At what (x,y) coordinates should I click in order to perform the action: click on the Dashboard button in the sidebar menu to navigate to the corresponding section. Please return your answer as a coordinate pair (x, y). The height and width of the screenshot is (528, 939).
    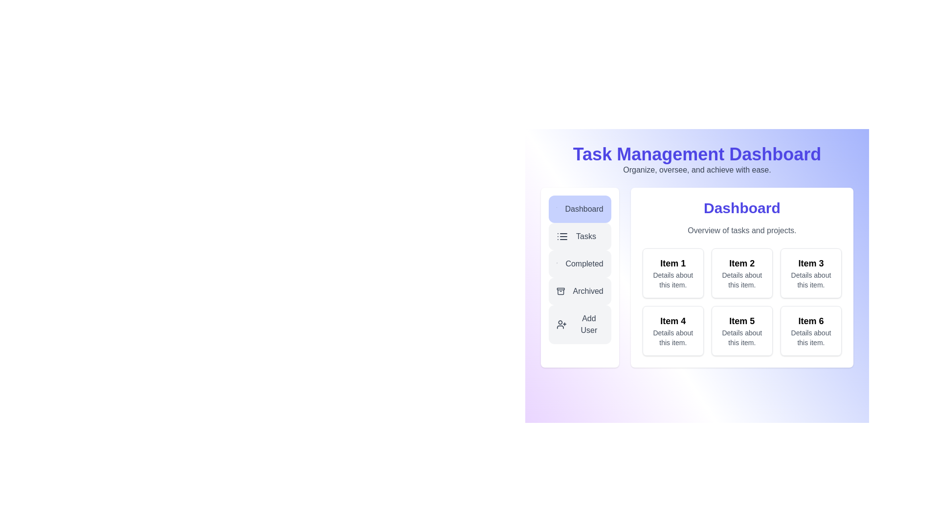
    Looking at the image, I should click on (580, 209).